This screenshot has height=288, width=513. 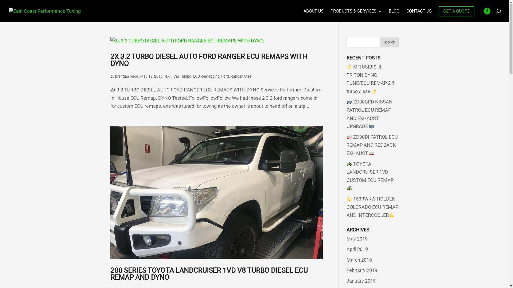 I want to click on 'January 2019', so click(x=361, y=281).